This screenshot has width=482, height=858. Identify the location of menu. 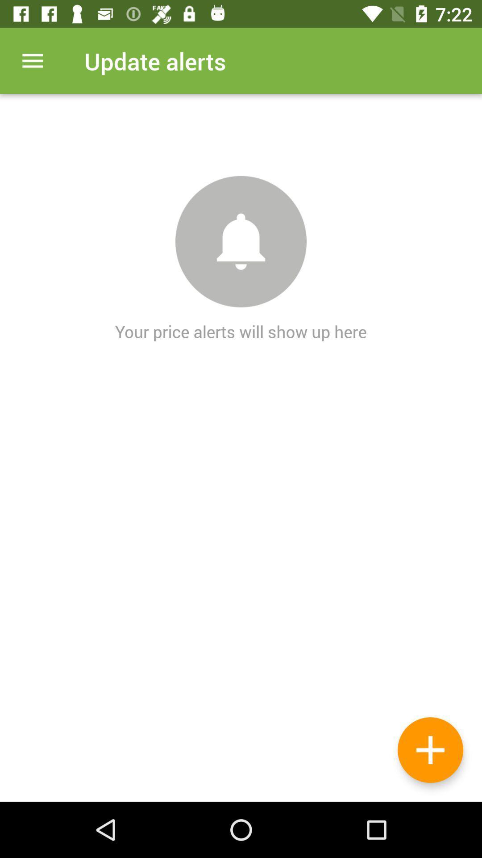
(32, 60).